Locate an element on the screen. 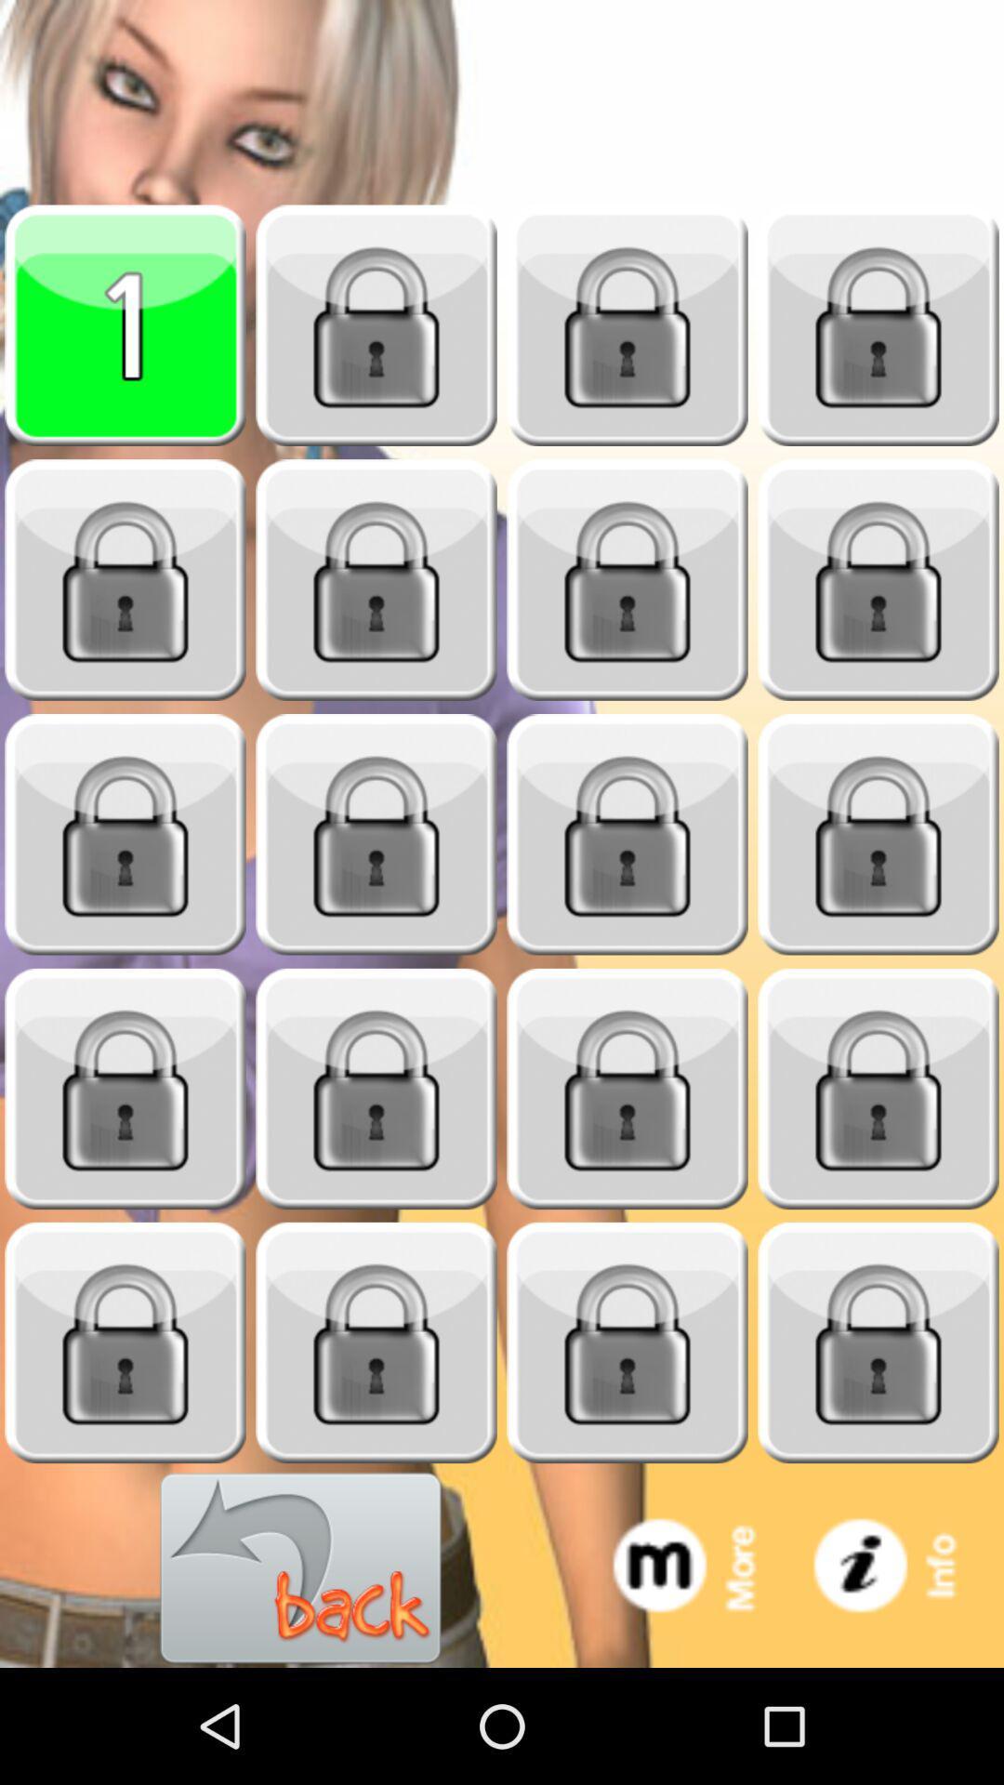 Image resolution: width=1004 pixels, height=1785 pixels. option one is located at coordinates (125, 325).